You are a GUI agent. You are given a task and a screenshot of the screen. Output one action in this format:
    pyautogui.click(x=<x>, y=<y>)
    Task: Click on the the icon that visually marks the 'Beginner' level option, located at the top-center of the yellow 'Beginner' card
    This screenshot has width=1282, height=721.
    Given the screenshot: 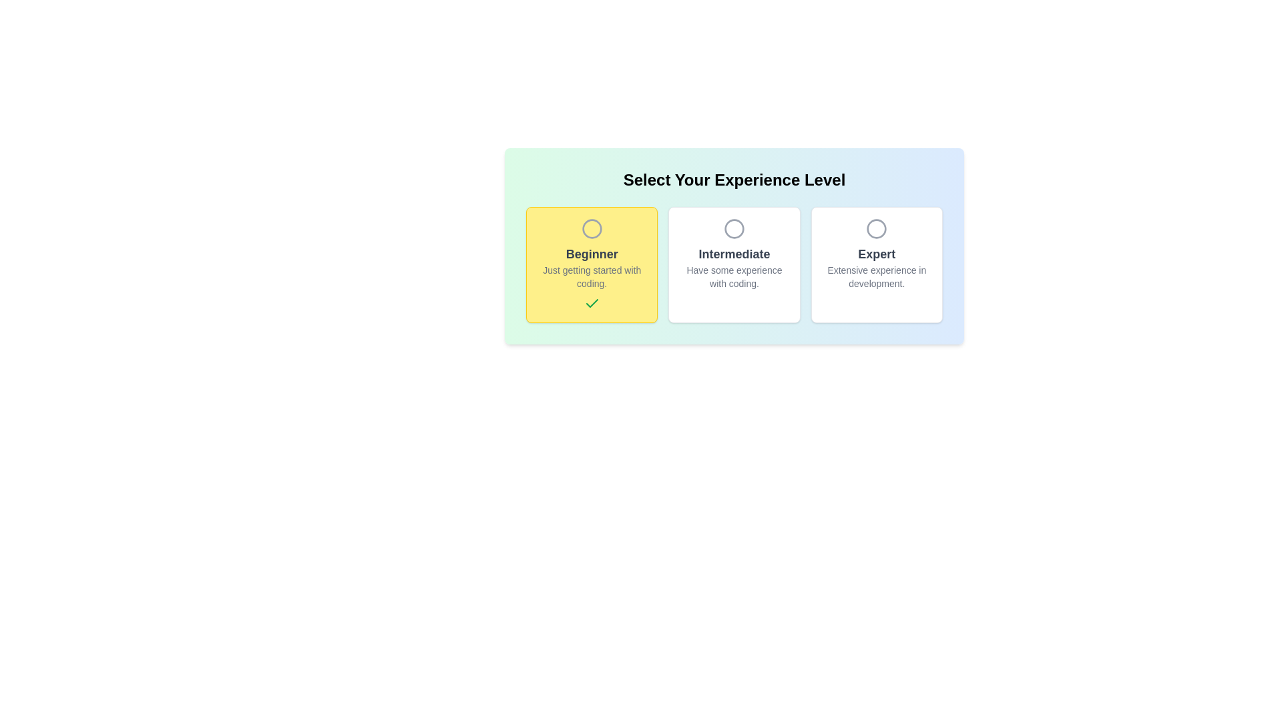 What is the action you would take?
    pyautogui.click(x=591, y=228)
    